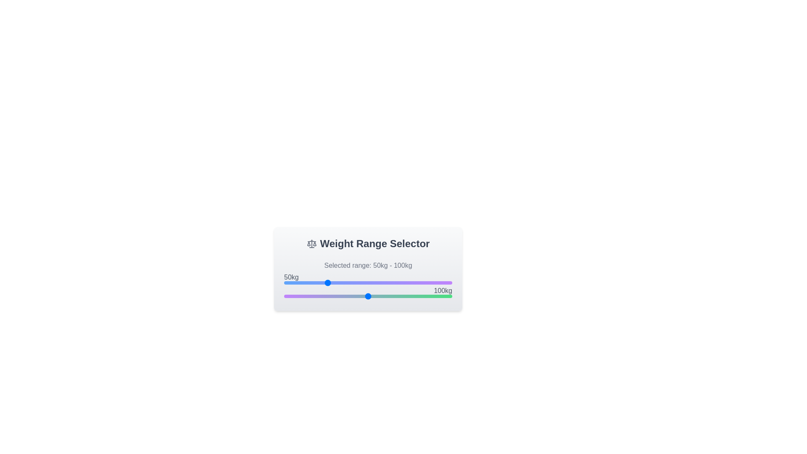  What do you see at coordinates (449, 296) in the screenshot?
I see `the right slider to set the maximum weight to 197 kg` at bounding box center [449, 296].